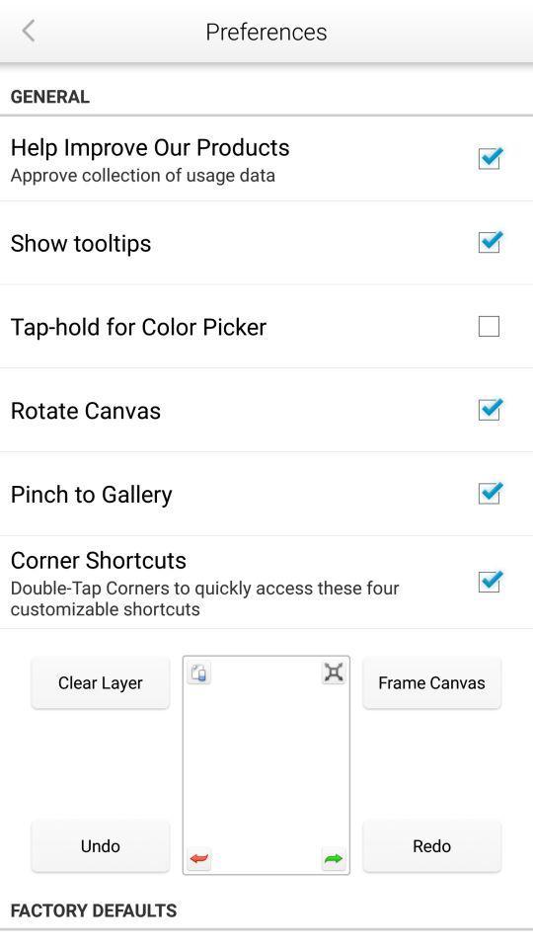  Describe the element at coordinates (27, 30) in the screenshot. I see `the arrow_backward icon` at that location.